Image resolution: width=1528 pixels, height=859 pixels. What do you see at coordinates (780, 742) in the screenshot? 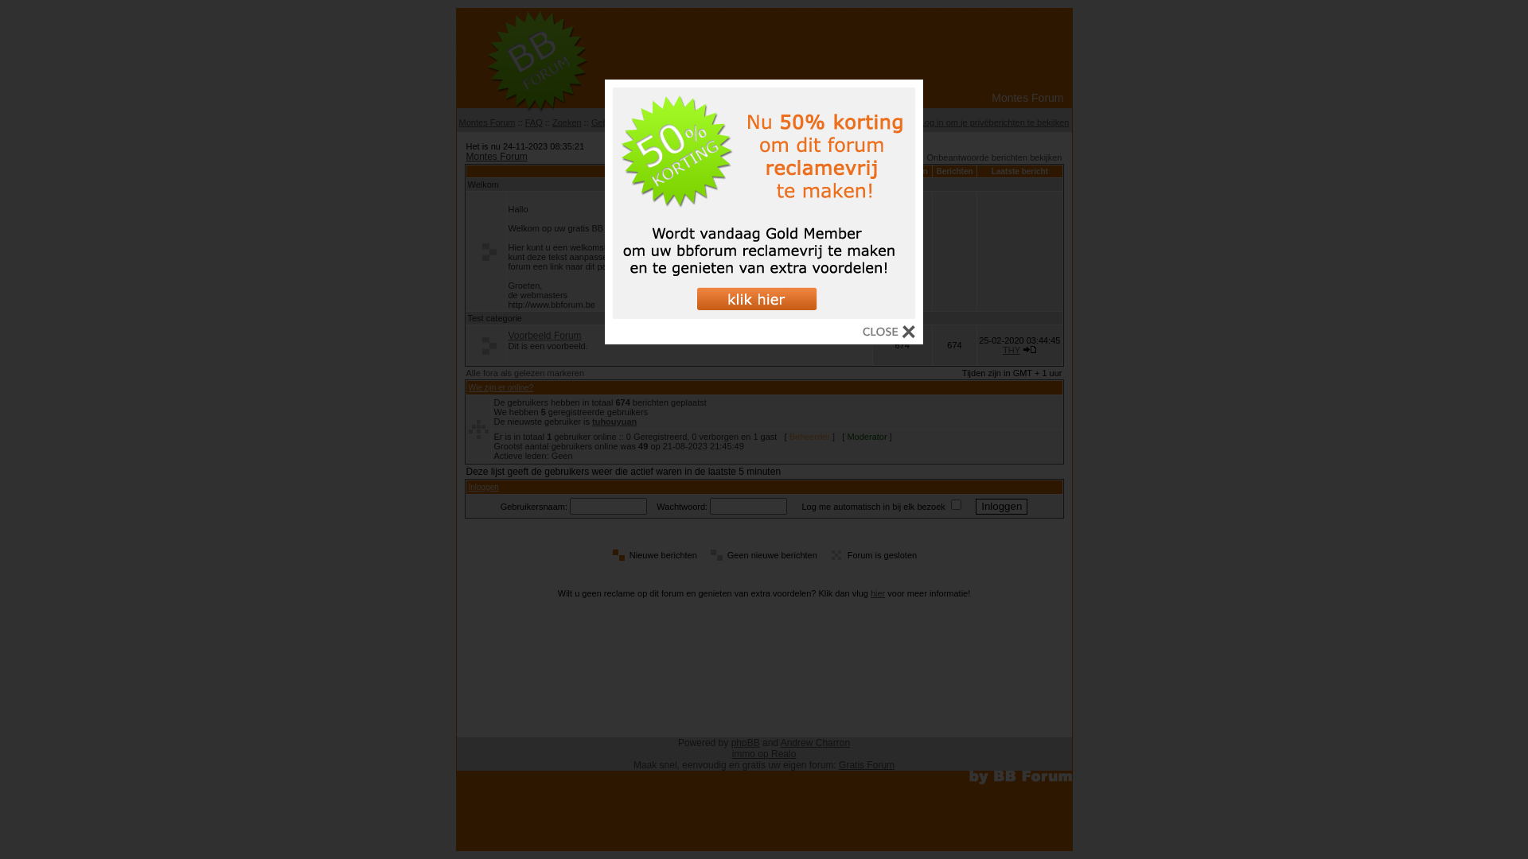
I see `'Andrew Charron'` at bounding box center [780, 742].